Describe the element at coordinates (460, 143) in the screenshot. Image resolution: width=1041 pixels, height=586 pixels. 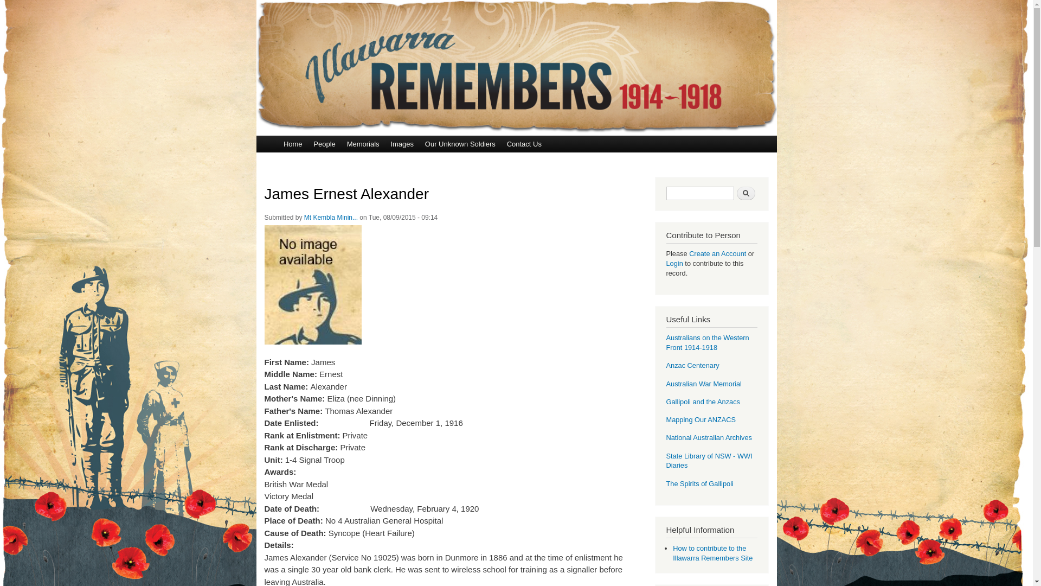
I see `'Our Unknown Soldiers'` at that location.